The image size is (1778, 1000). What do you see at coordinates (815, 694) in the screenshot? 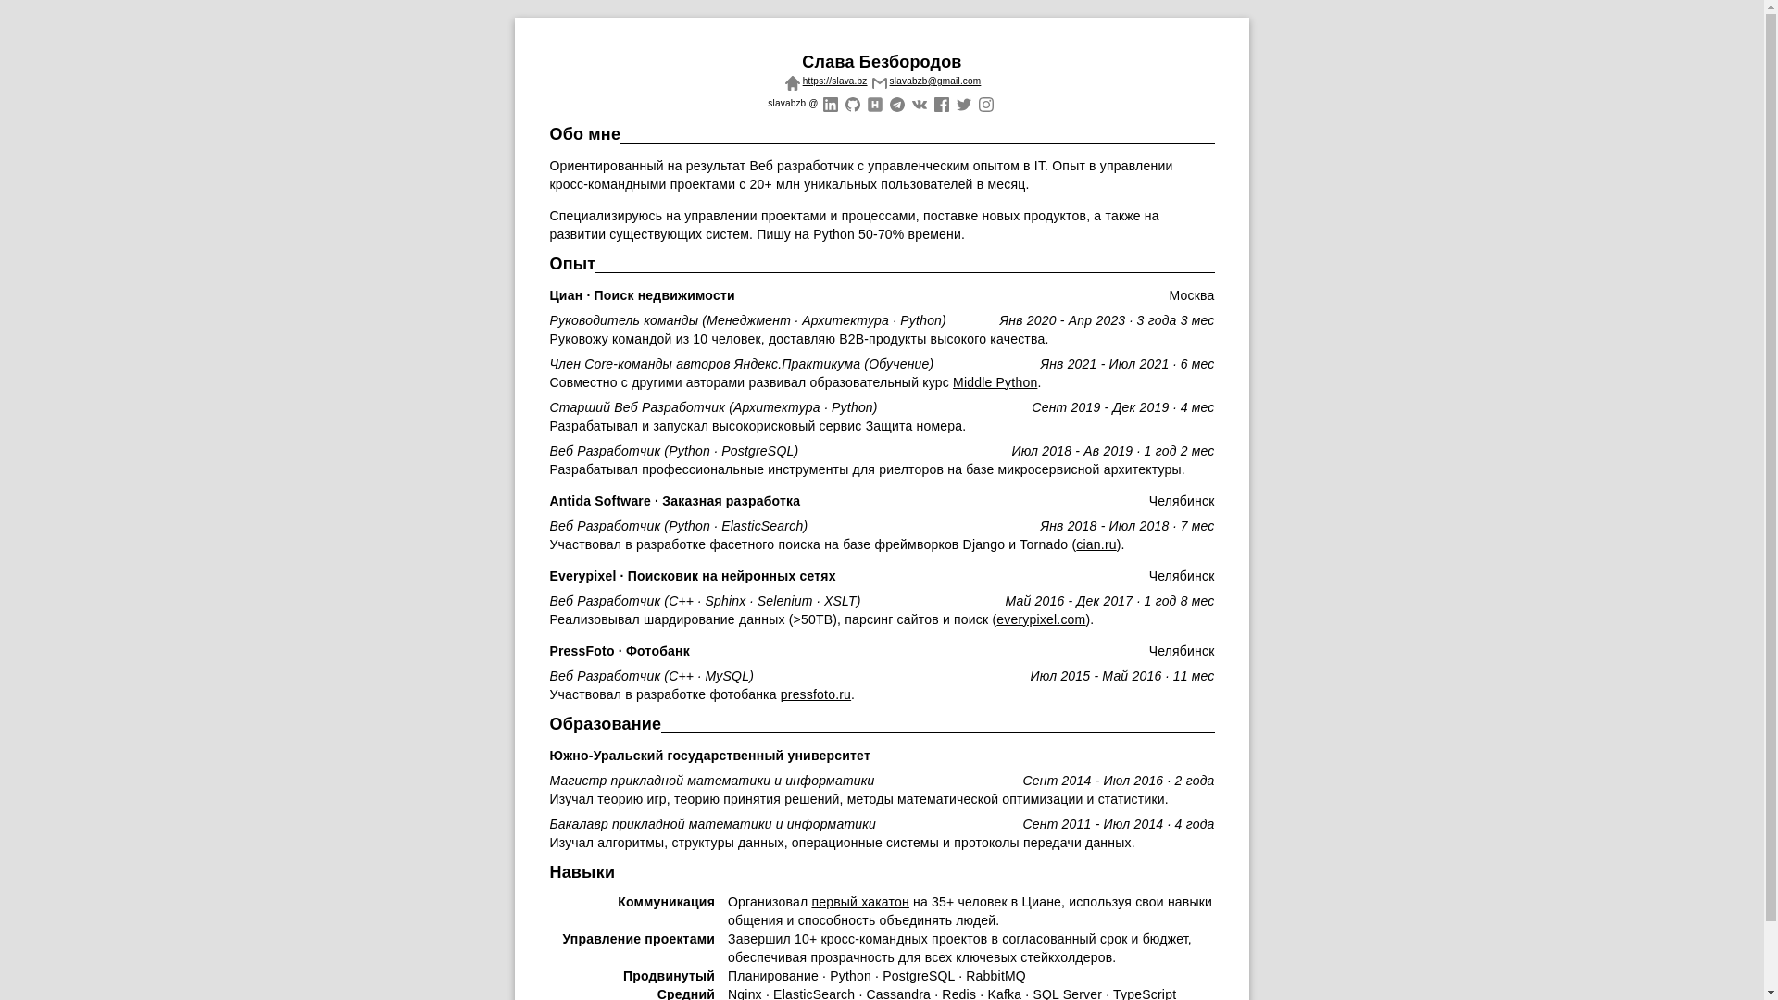
I see `'pressfoto.ru'` at bounding box center [815, 694].